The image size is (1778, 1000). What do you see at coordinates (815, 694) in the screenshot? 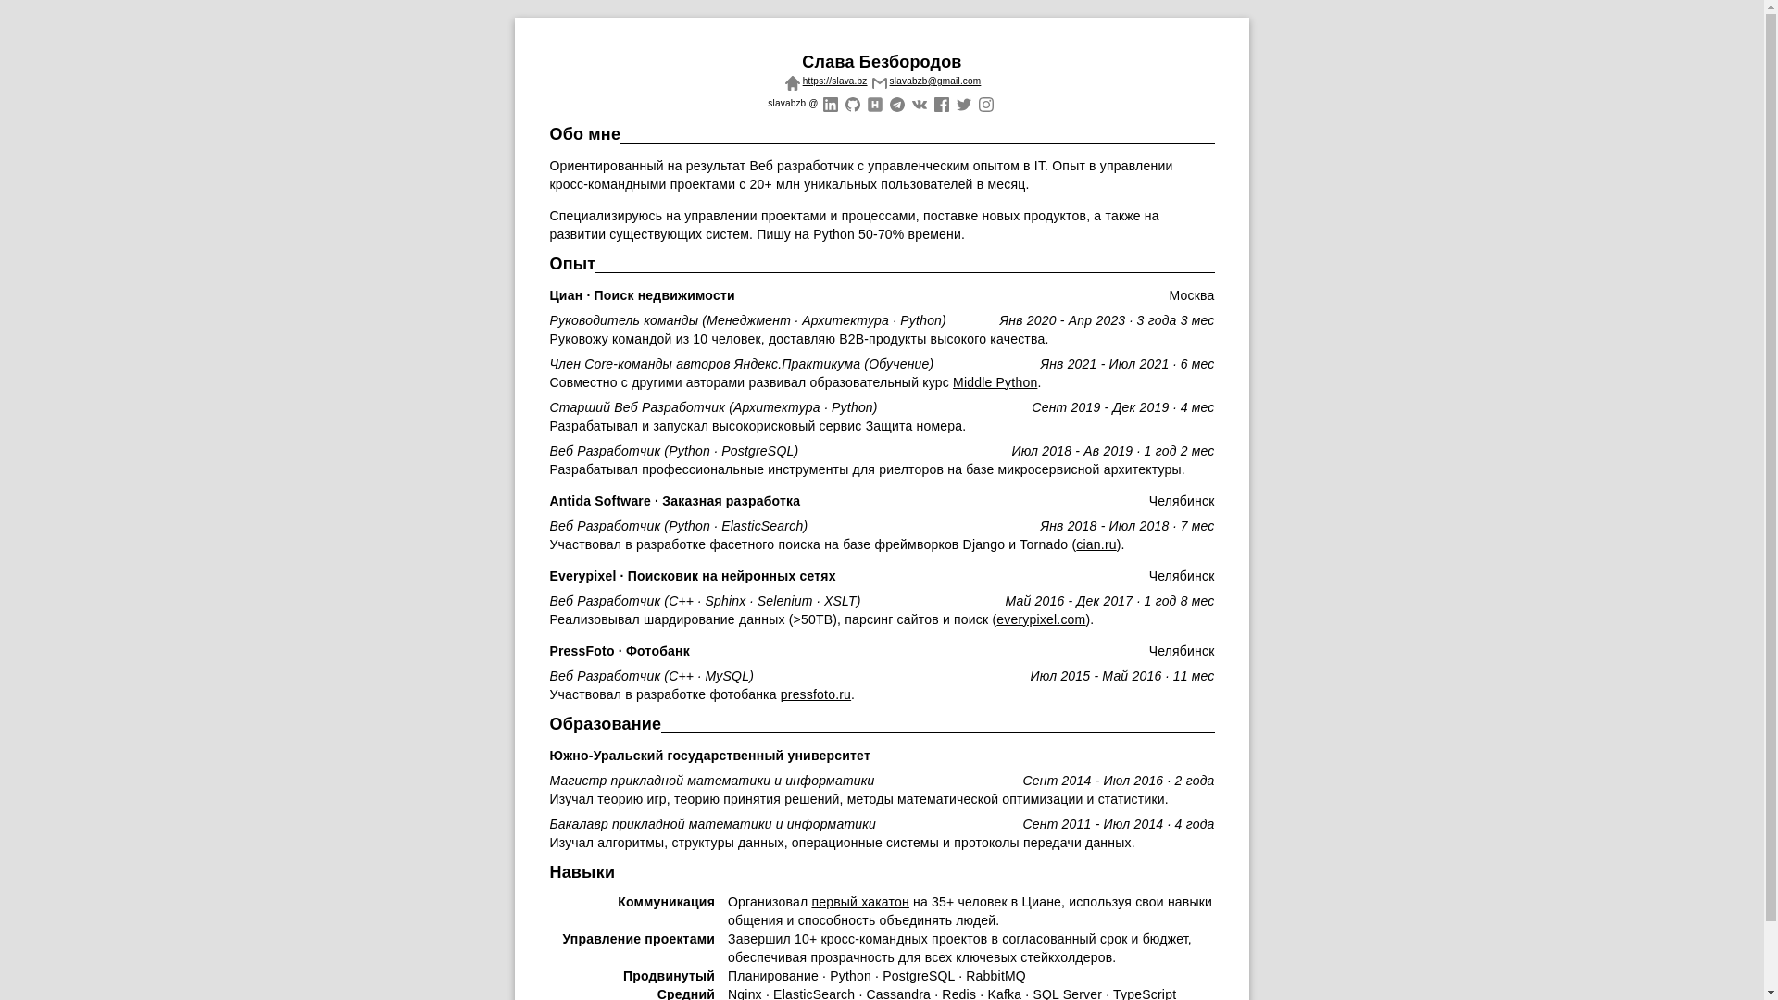
I see `'pressfoto.ru'` at bounding box center [815, 694].